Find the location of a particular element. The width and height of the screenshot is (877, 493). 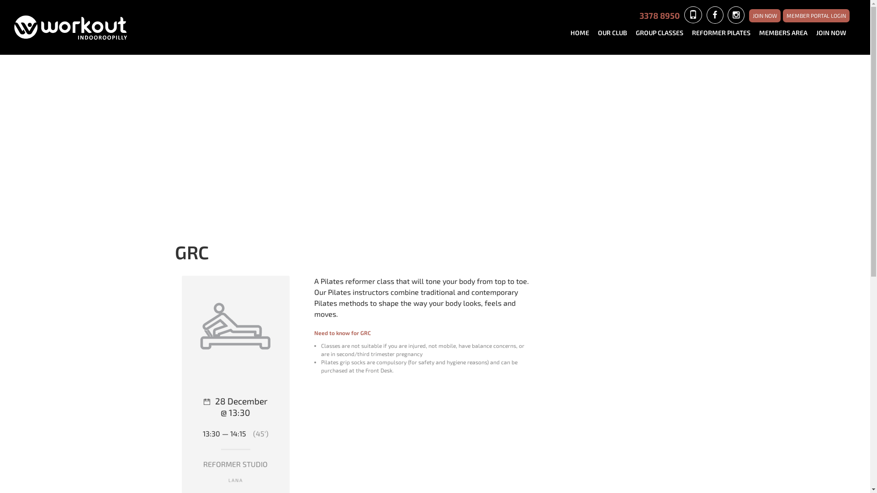

'JOIN NOW' is located at coordinates (835, 32).